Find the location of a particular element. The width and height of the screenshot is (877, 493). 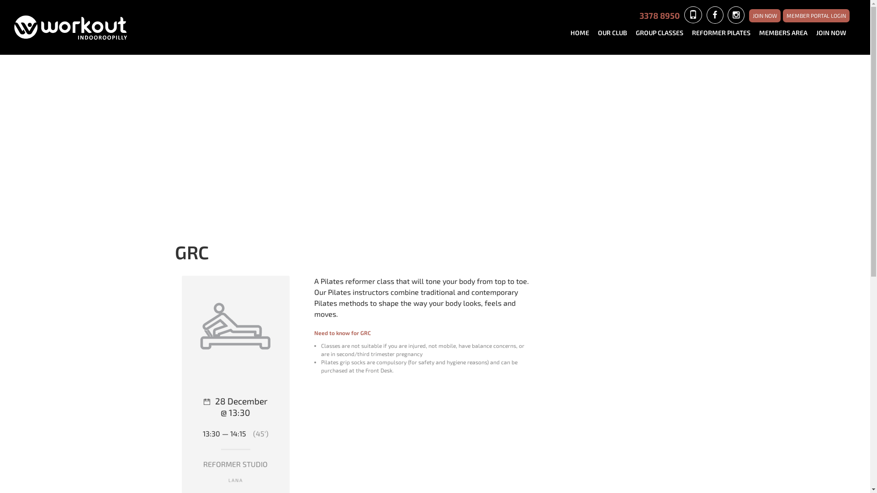

'JOIN NOW' is located at coordinates (835, 32).